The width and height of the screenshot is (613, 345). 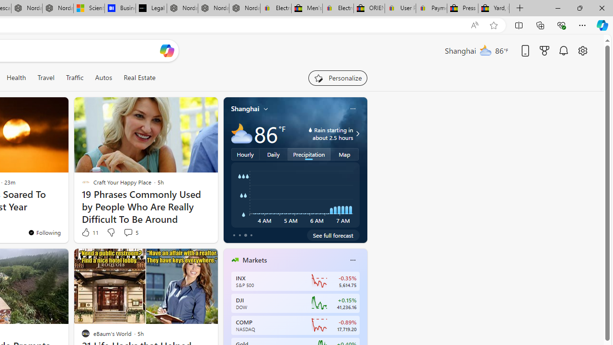 What do you see at coordinates (310, 129) in the screenshot?
I see `'water-drop-icon'` at bounding box center [310, 129].